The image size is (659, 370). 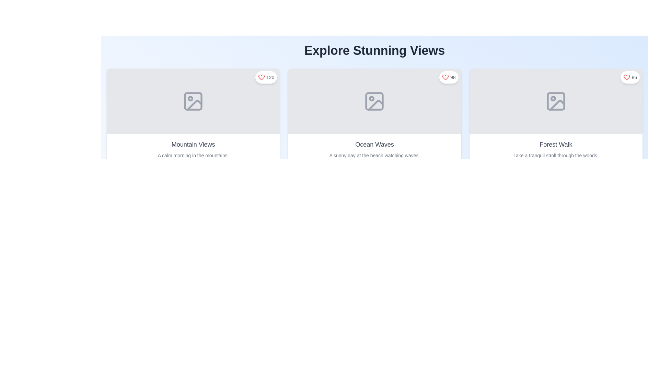 What do you see at coordinates (556, 156) in the screenshot?
I see `the static text display providing additional context for the card titled 'Forest Walk', located at the bottom section of the card layout` at bounding box center [556, 156].